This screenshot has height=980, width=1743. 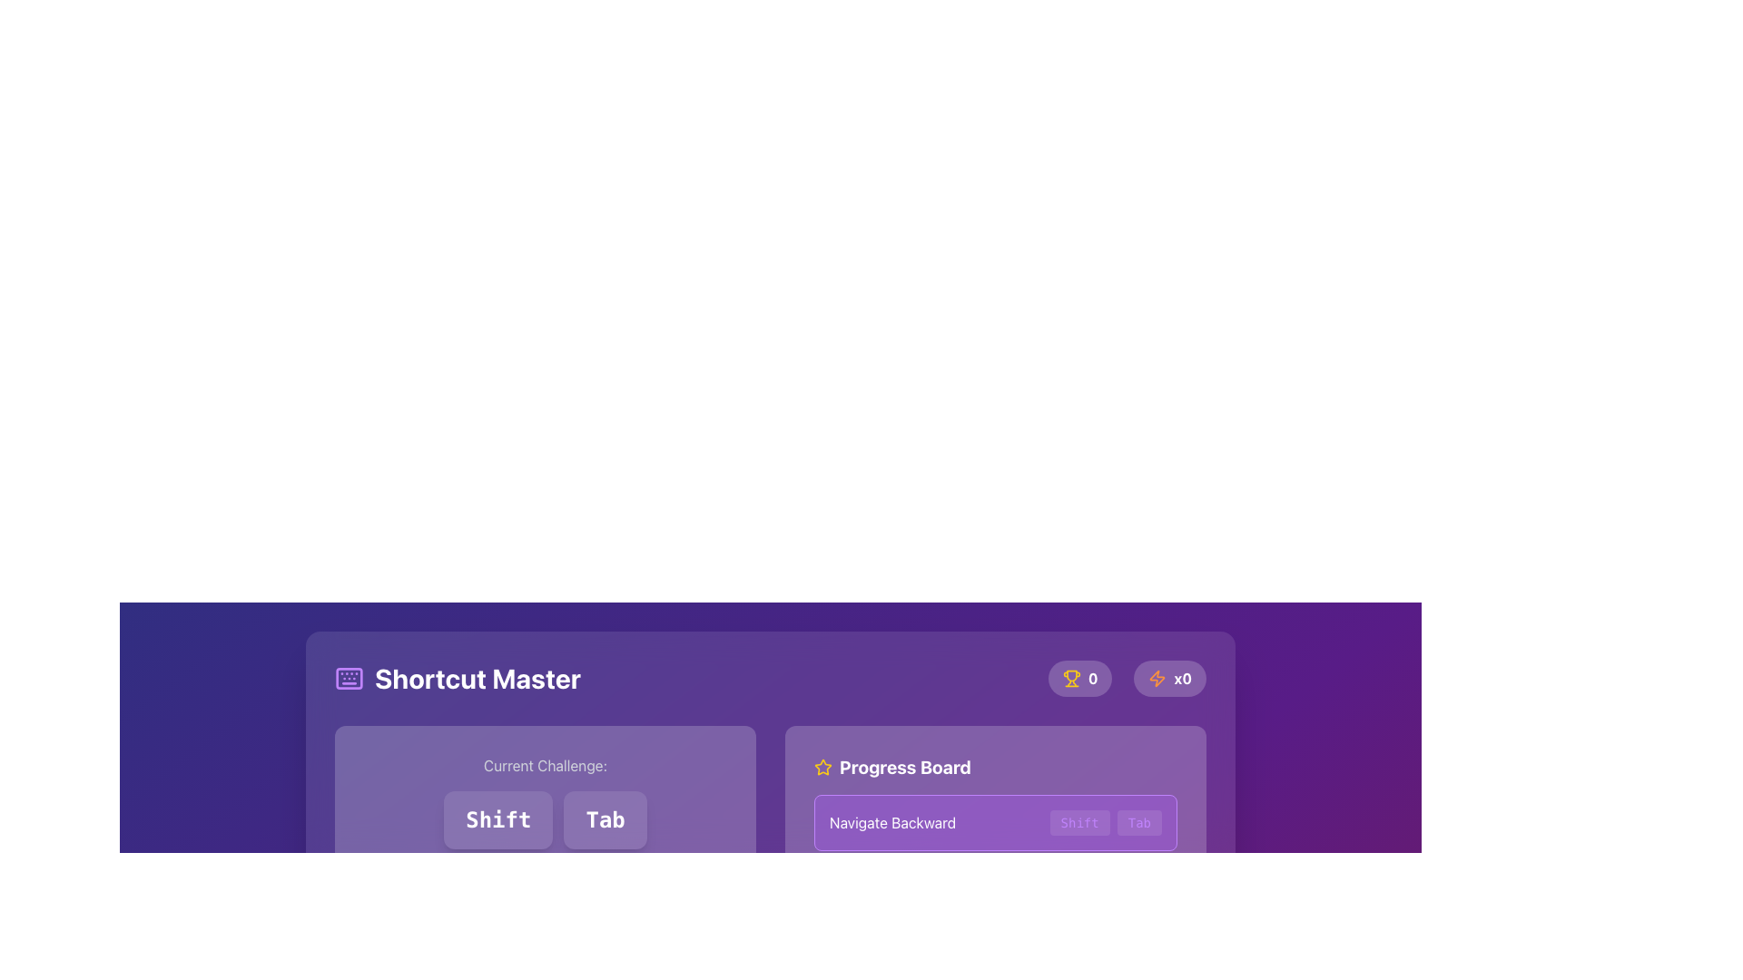 What do you see at coordinates (349, 679) in the screenshot?
I see `the graphical icon resembling a keyboard, which is a small, rectangular shape with rounded edges, styled within a purple and violet interface, located near the title 'Shortcut Master'` at bounding box center [349, 679].